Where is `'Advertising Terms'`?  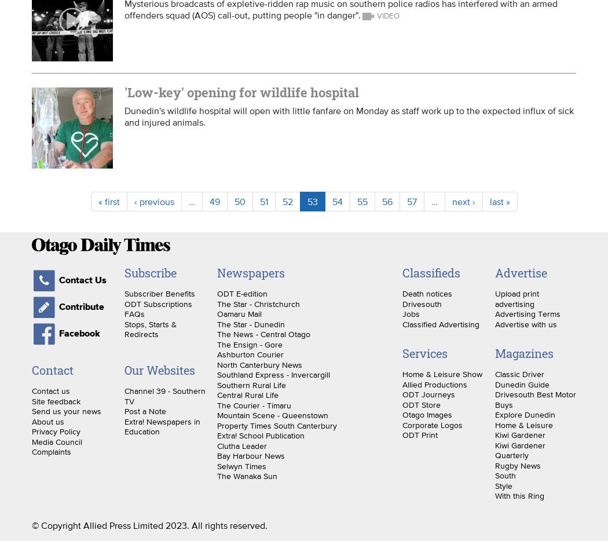
'Advertising Terms' is located at coordinates (527, 314).